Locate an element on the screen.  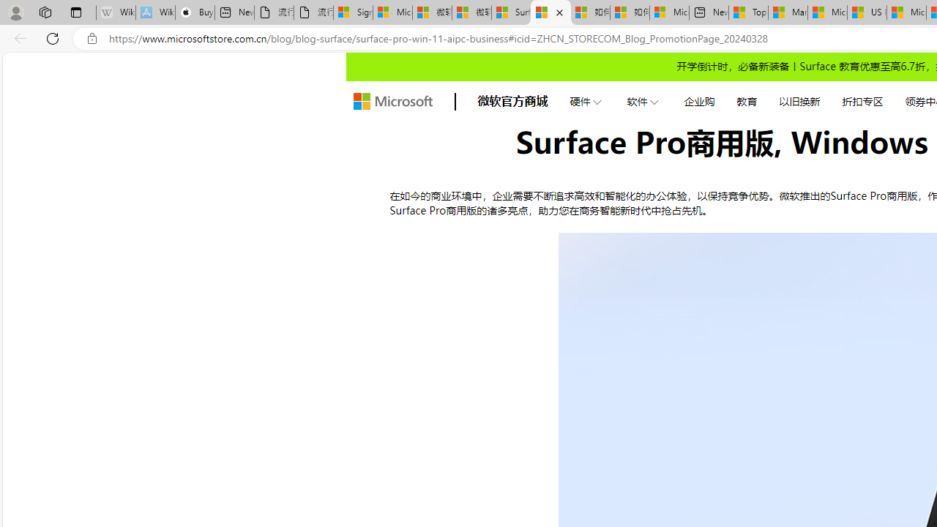
'store logo' is located at coordinates (392, 100).